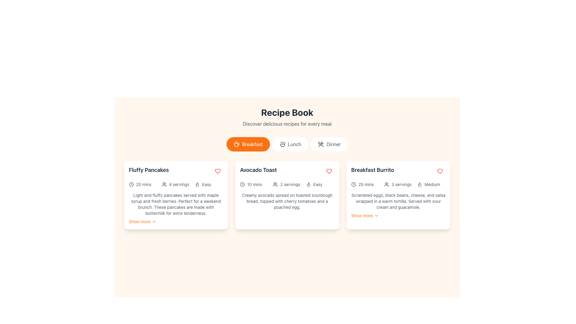 The height and width of the screenshot is (324, 576). I want to click on the text label that provides estimated time for the recipe inside the second card titled 'Avocado Toast', located in the first row beneath the title, so click(254, 184).